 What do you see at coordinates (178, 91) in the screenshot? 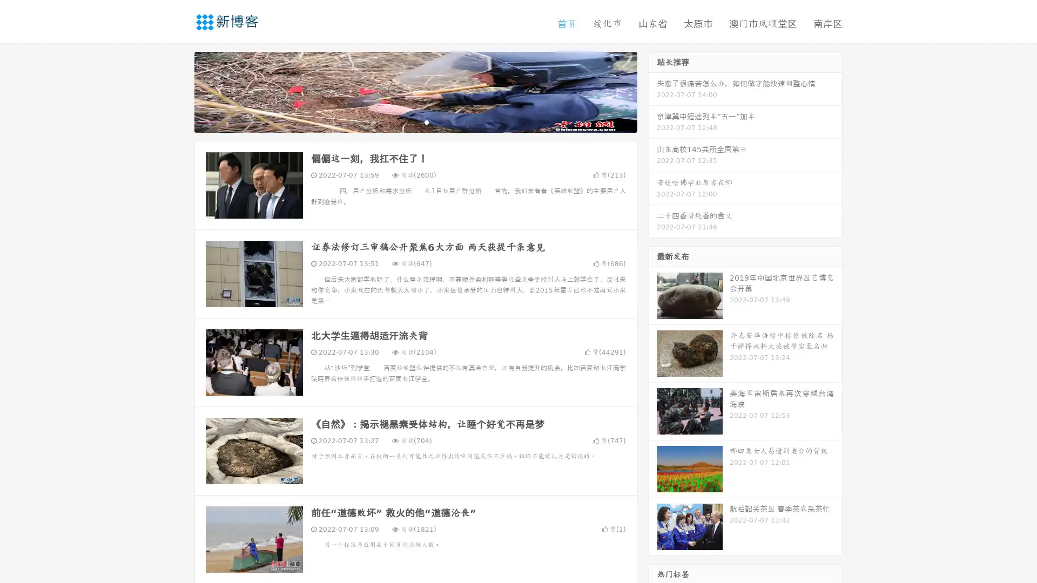
I see `Previous slide` at bounding box center [178, 91].